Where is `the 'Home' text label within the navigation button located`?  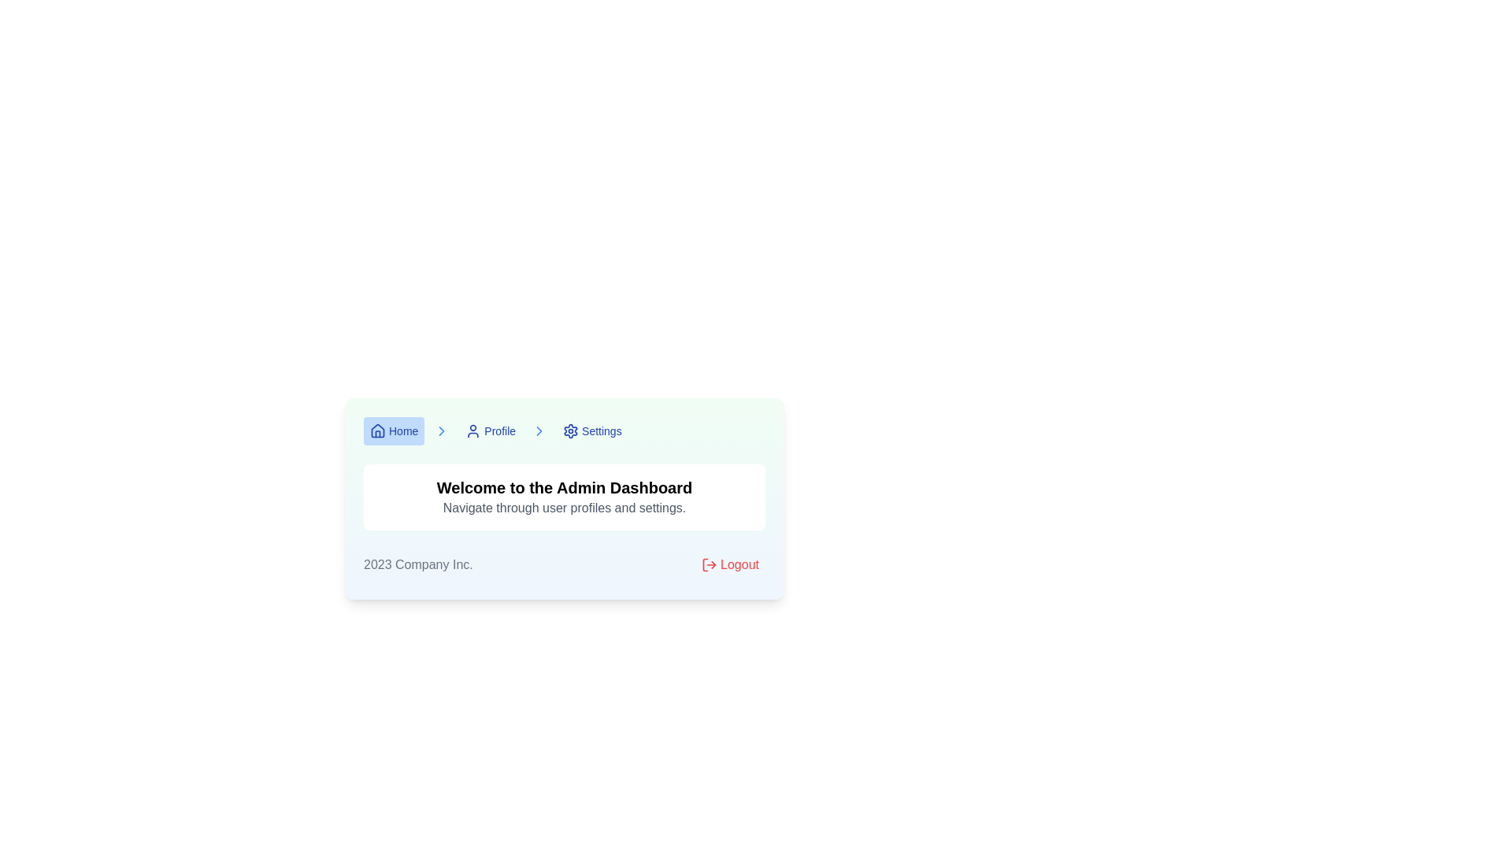 the 'Home' text label within the navigation button located is located at coordinates (403, 431).